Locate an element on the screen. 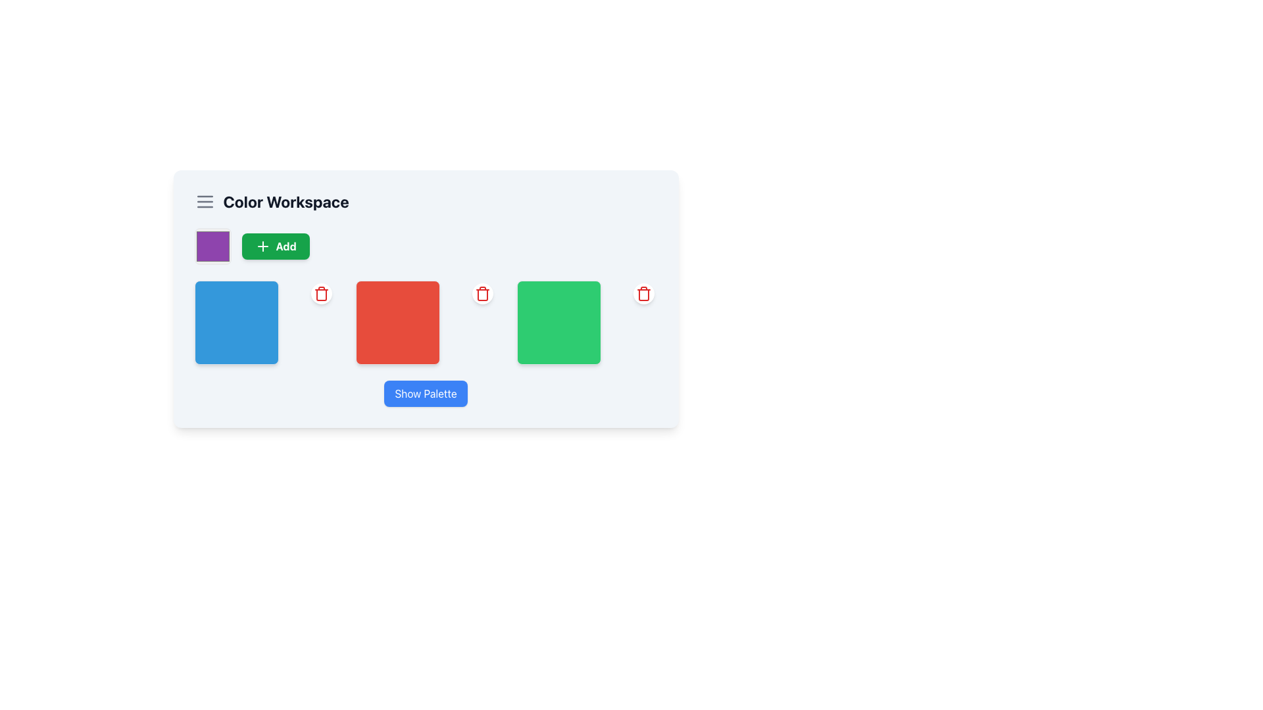 This screenshot has width=1263, height=710. the visual placeholder or interactive button located centrally in the grid, which is the second item surrounded by a blue square on the left and a green square on the right is located at coordinates (426, 322).